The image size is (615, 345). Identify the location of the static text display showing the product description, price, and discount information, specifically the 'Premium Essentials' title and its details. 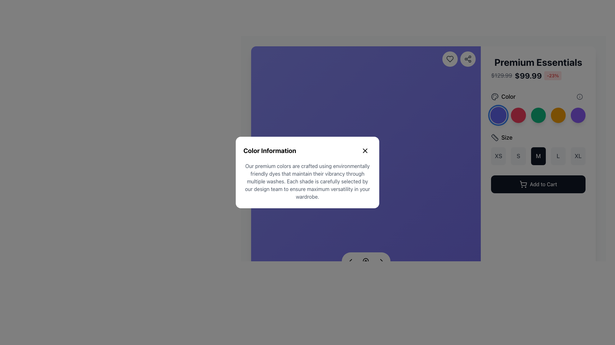
(538, 69).